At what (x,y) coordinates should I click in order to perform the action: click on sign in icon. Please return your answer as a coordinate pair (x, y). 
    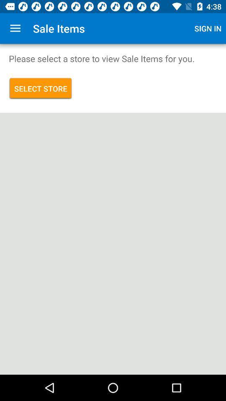
    Looking at the image, I should click on (208, 28).